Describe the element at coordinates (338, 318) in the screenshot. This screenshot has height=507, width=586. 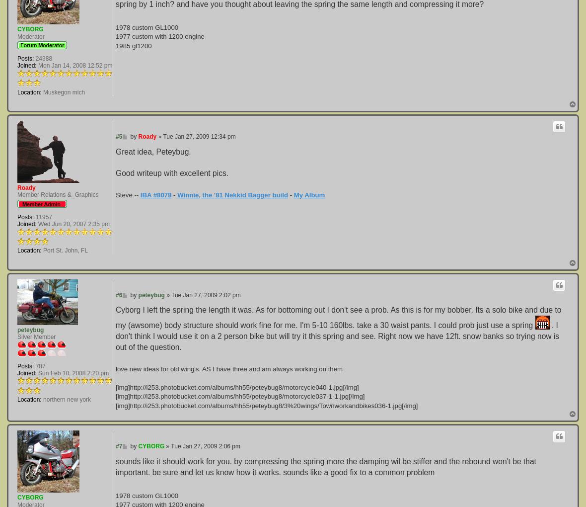
I see `'Cyborg I left the spring the length it was. As for bottoming out I don't see a prob. As this is for my bobber. Its a solo bike and due to my (awsome) body structure should work fine for me. I'm 5-10 160lbs. take a 30 waist pants. I could prob just use a spring'` at that location.